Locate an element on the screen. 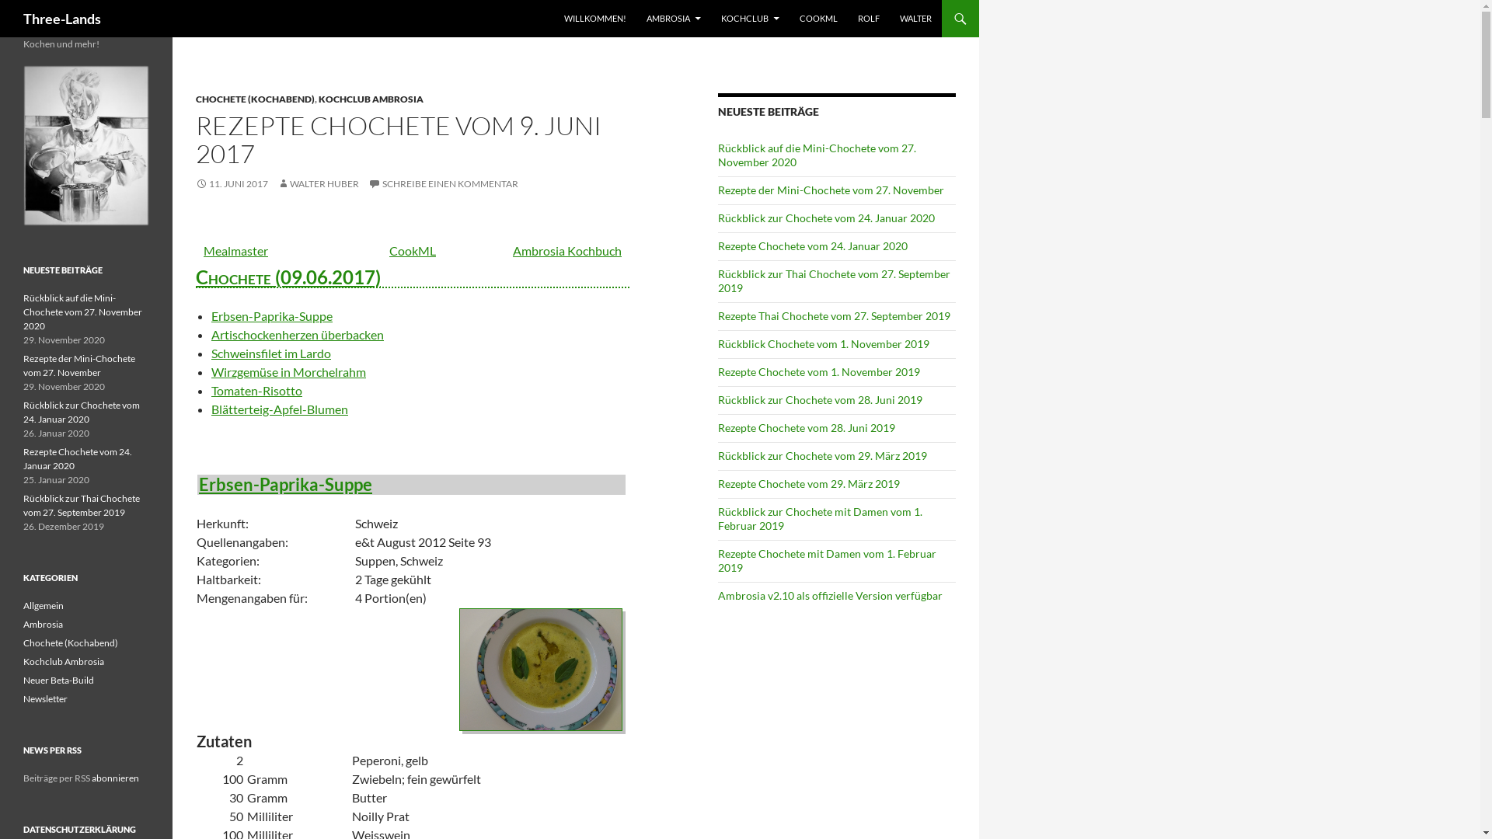  'AMBROSIA' is located at coordinates (674, 18).